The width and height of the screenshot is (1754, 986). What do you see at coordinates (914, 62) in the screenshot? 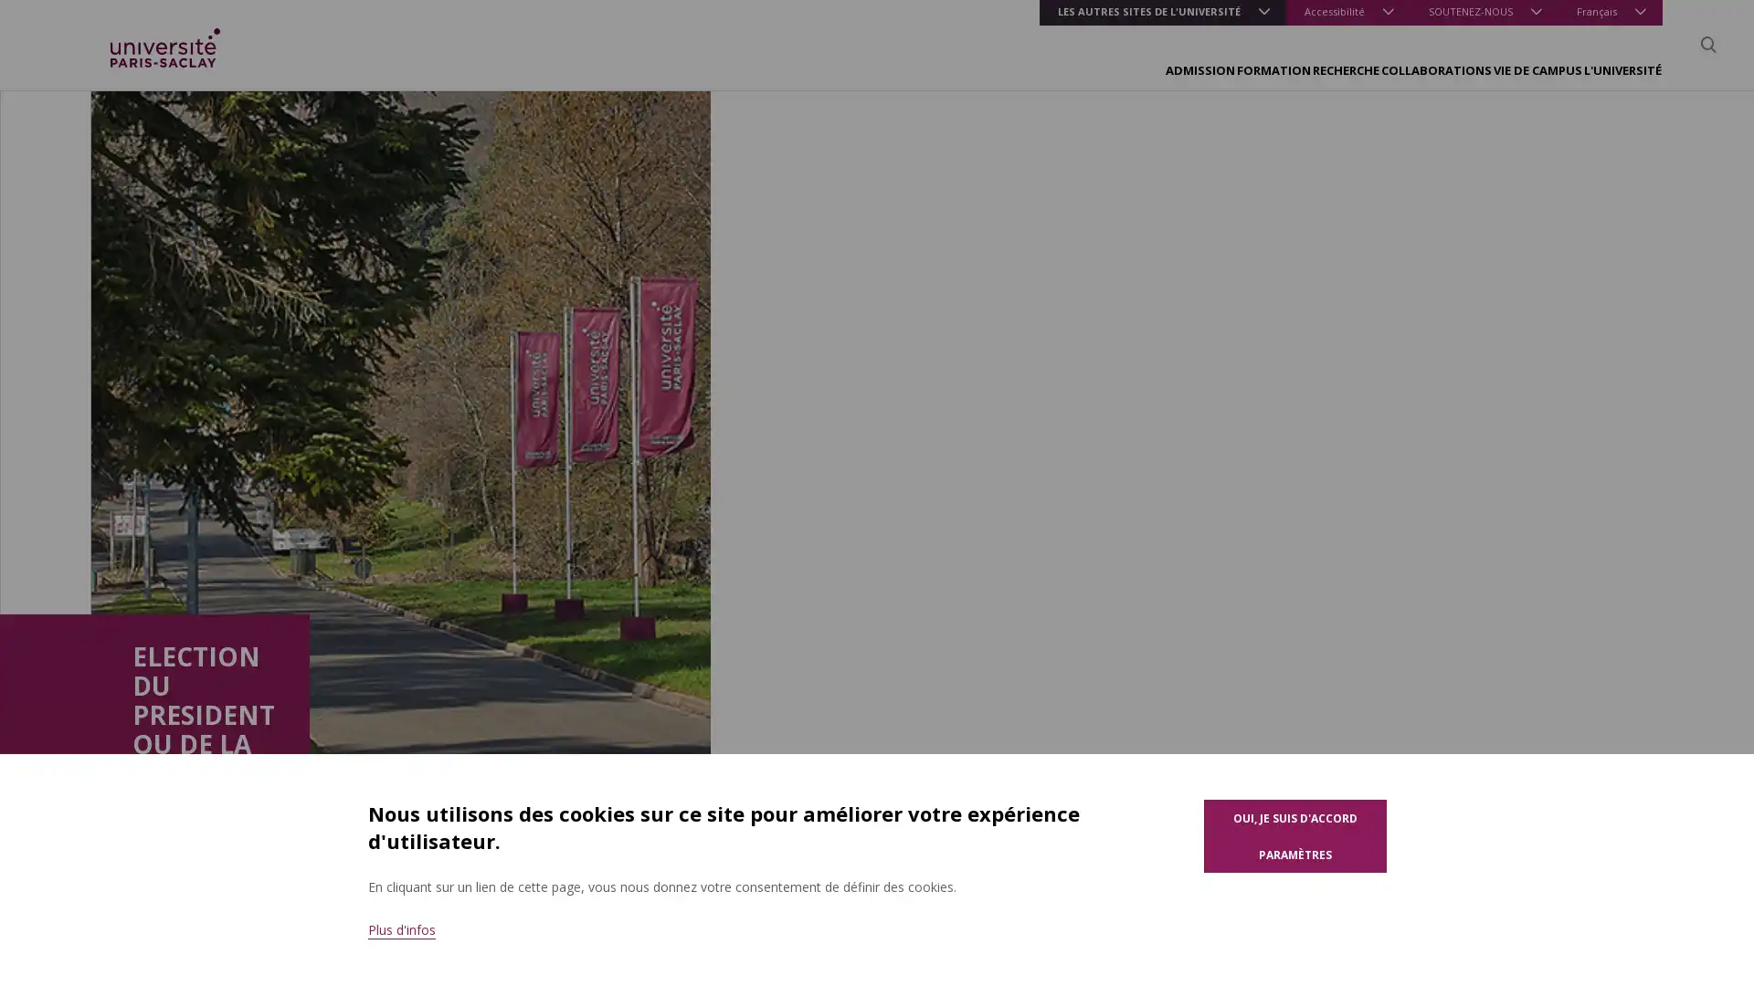
I see `ADMISSION` at bounding box center [914, 62].